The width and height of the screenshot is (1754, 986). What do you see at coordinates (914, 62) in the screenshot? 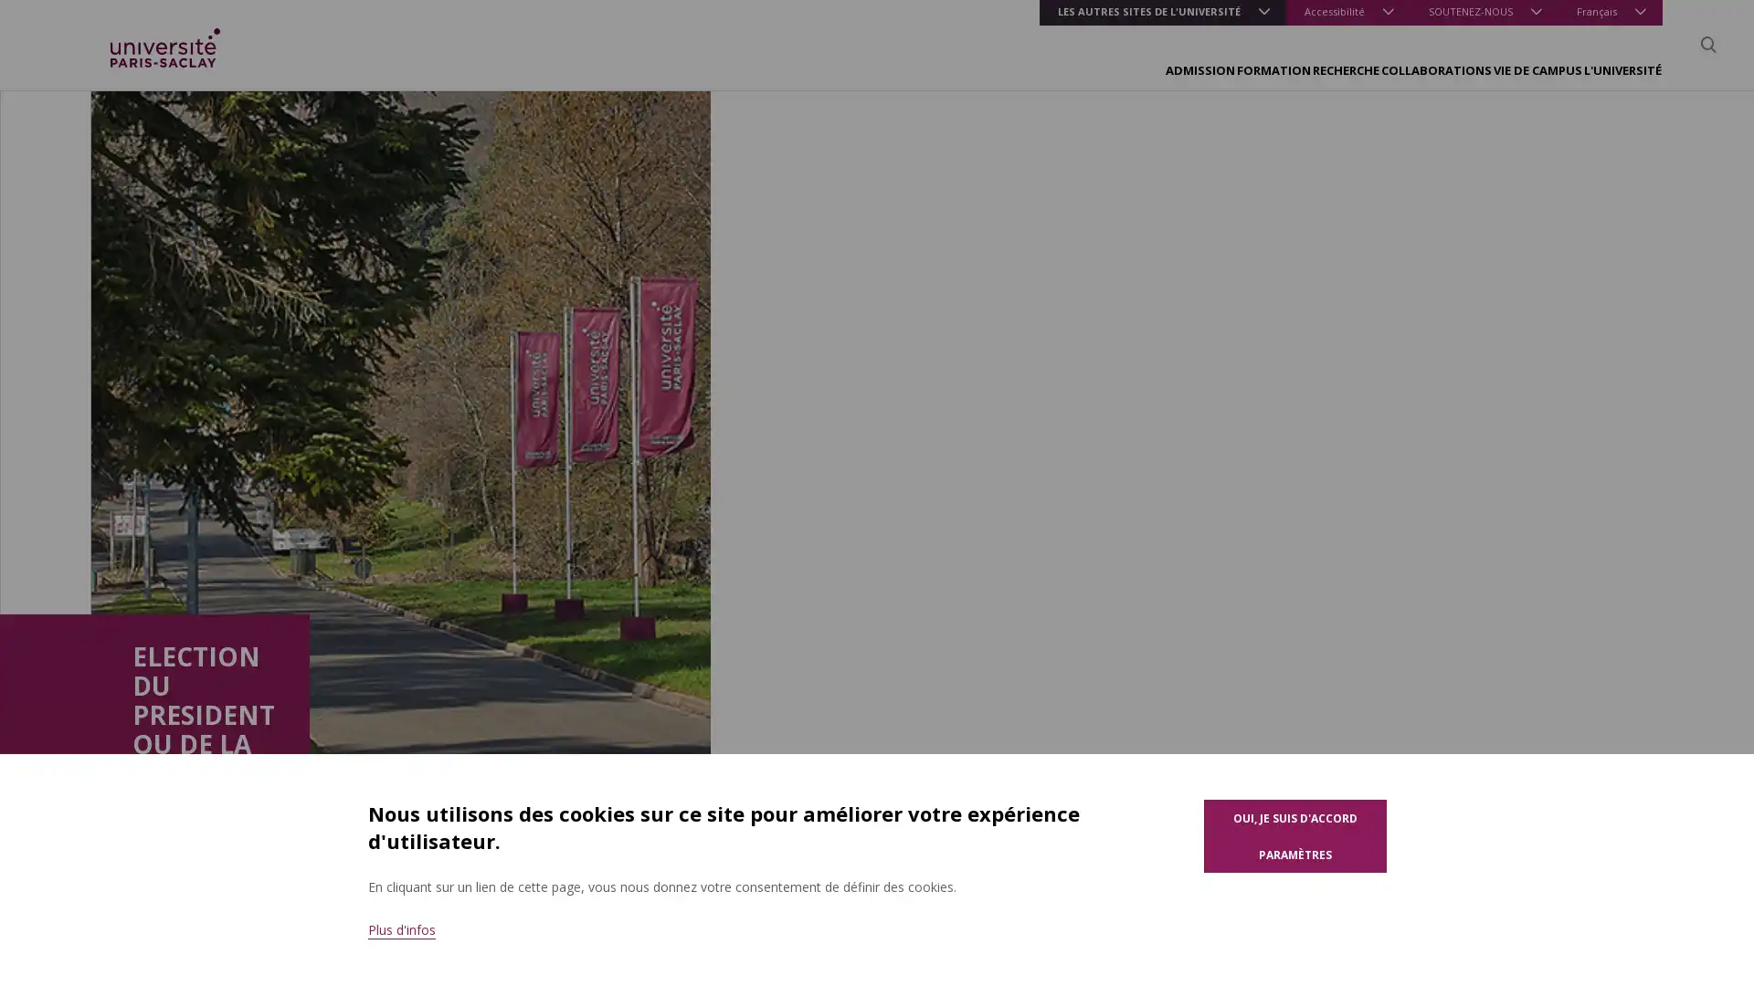
I see `ADMISSION` at bounding box center [914, 62].